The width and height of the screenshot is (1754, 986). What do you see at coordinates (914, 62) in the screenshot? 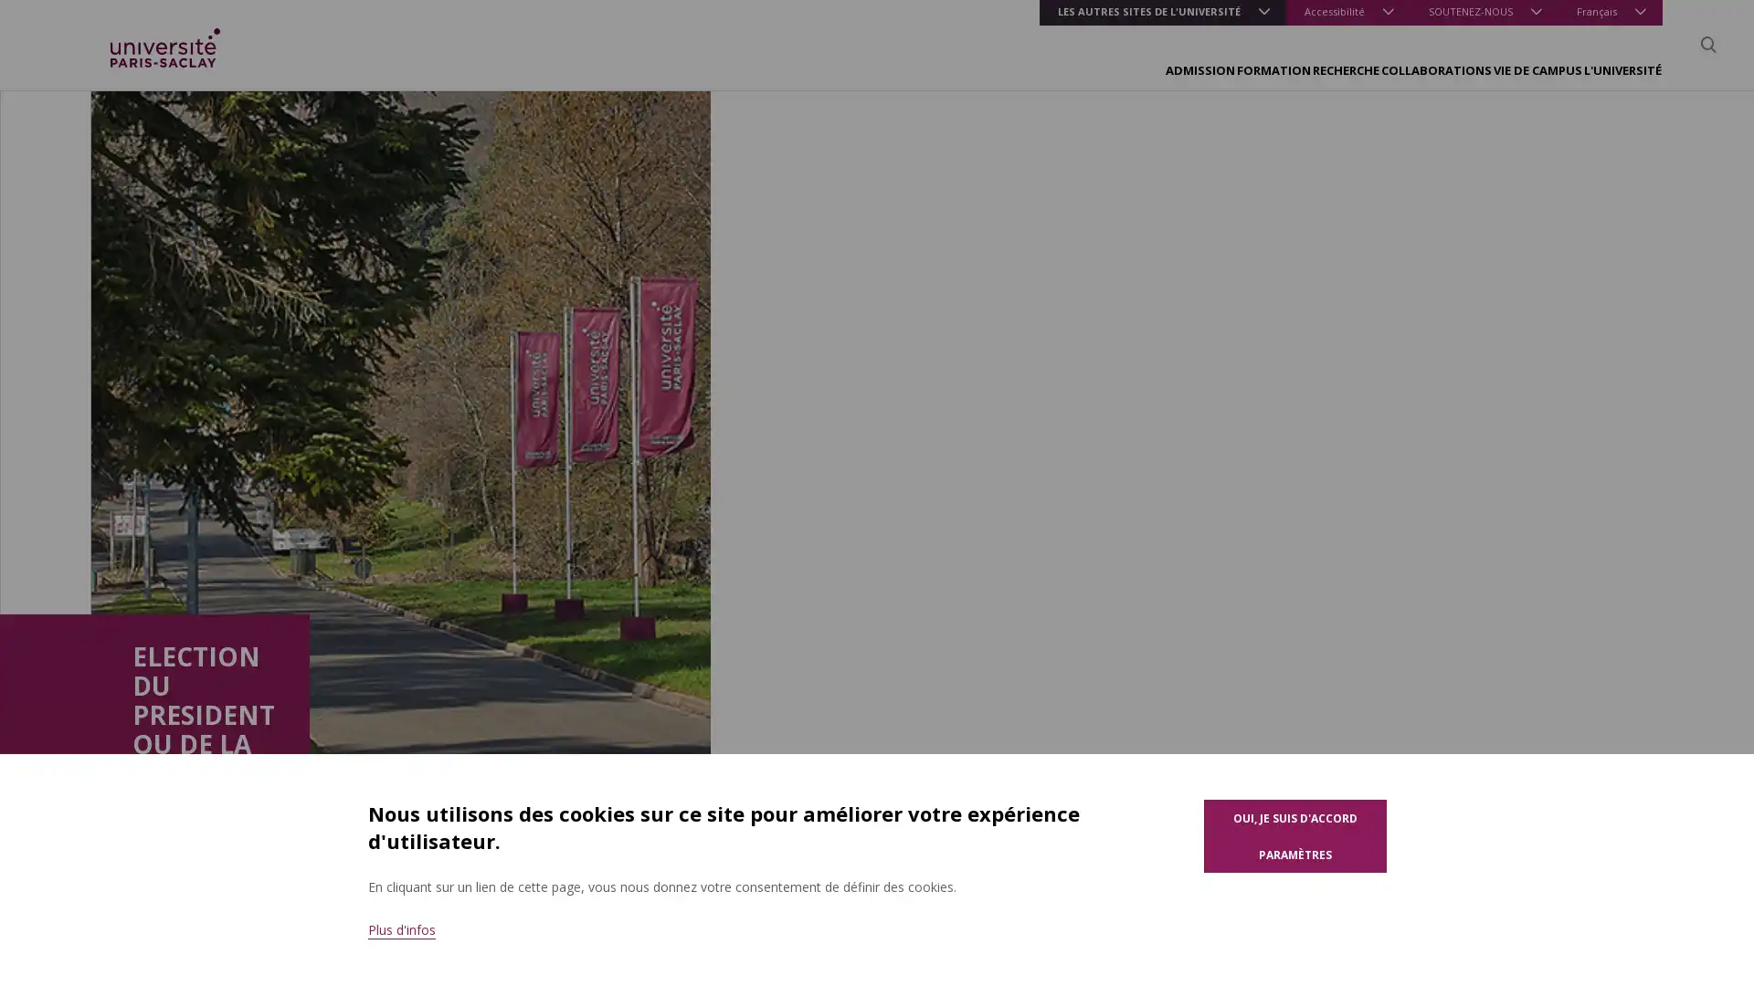
I see `ADMISSION` at bounding box center [914, 62].